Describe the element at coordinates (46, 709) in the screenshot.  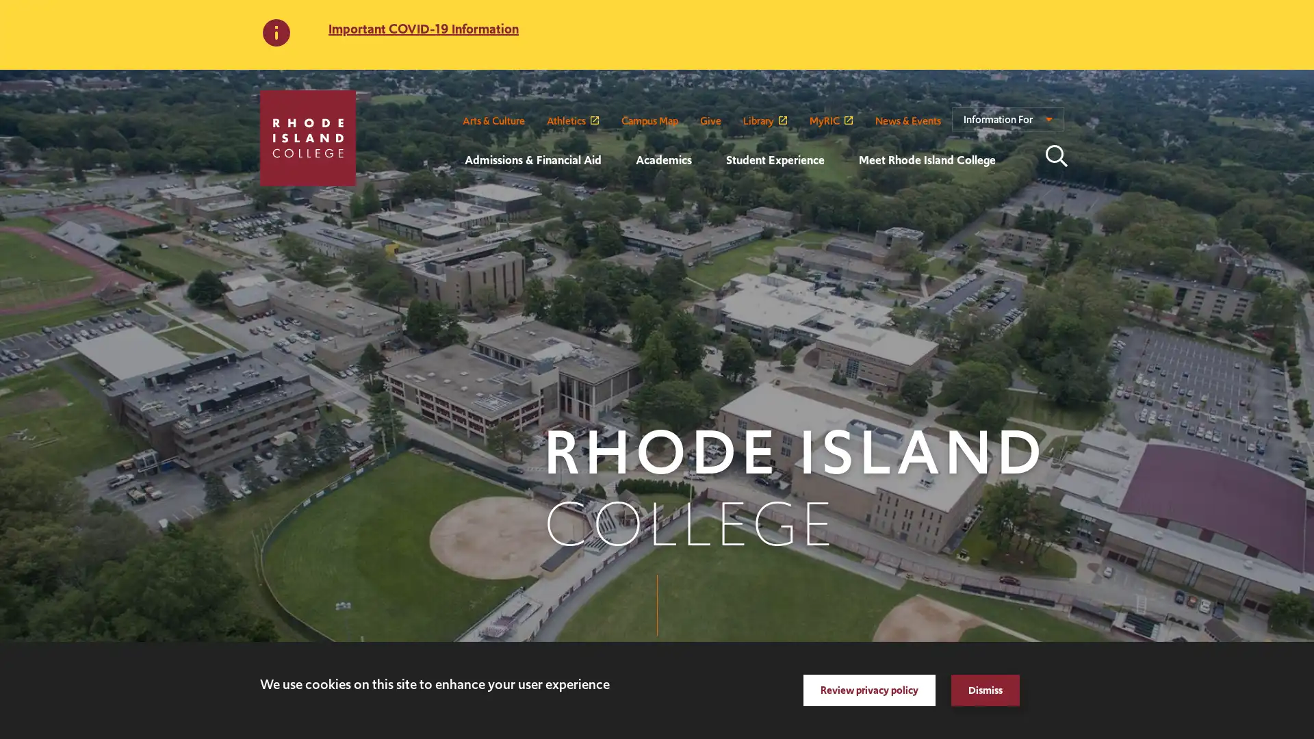
I see `Pause the videopause` at that location.